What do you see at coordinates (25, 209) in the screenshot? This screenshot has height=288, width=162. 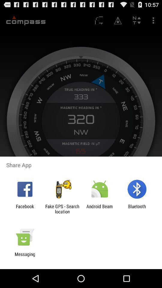 I see `the facebook item` at bounding box center [25, 209].